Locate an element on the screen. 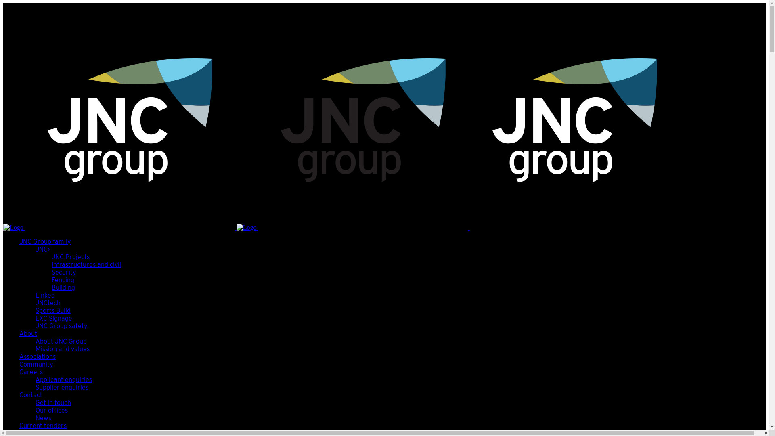  'Linked' is located at coordinates (35, 295).